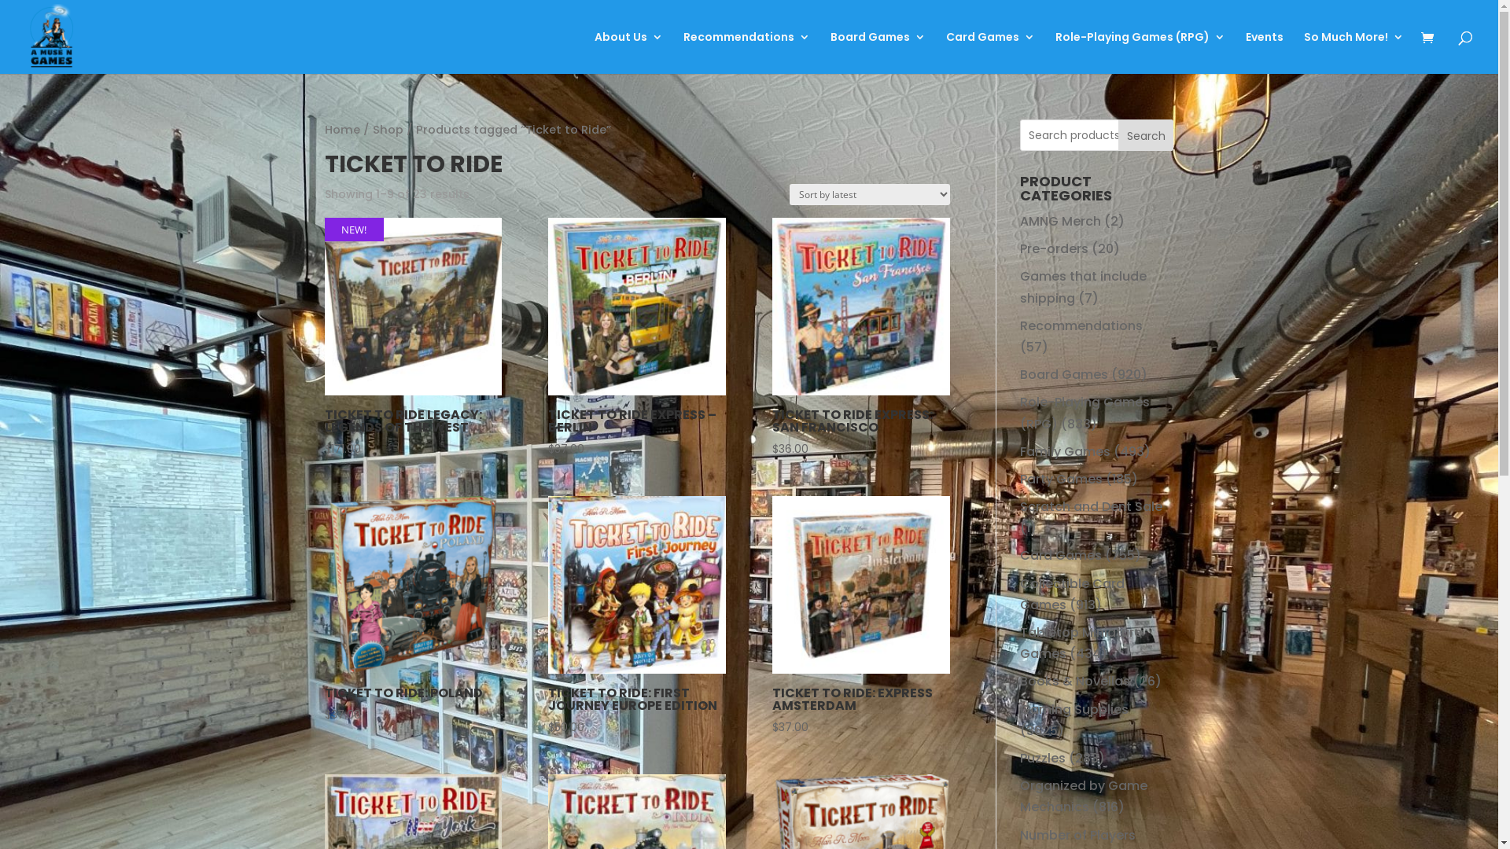 The width and height of the screenshot is (1510, 849). What do you see at coordinates (1019, 757) in the screenshot?
I see `'Puzzles'` at bounding box center [1019, 757].